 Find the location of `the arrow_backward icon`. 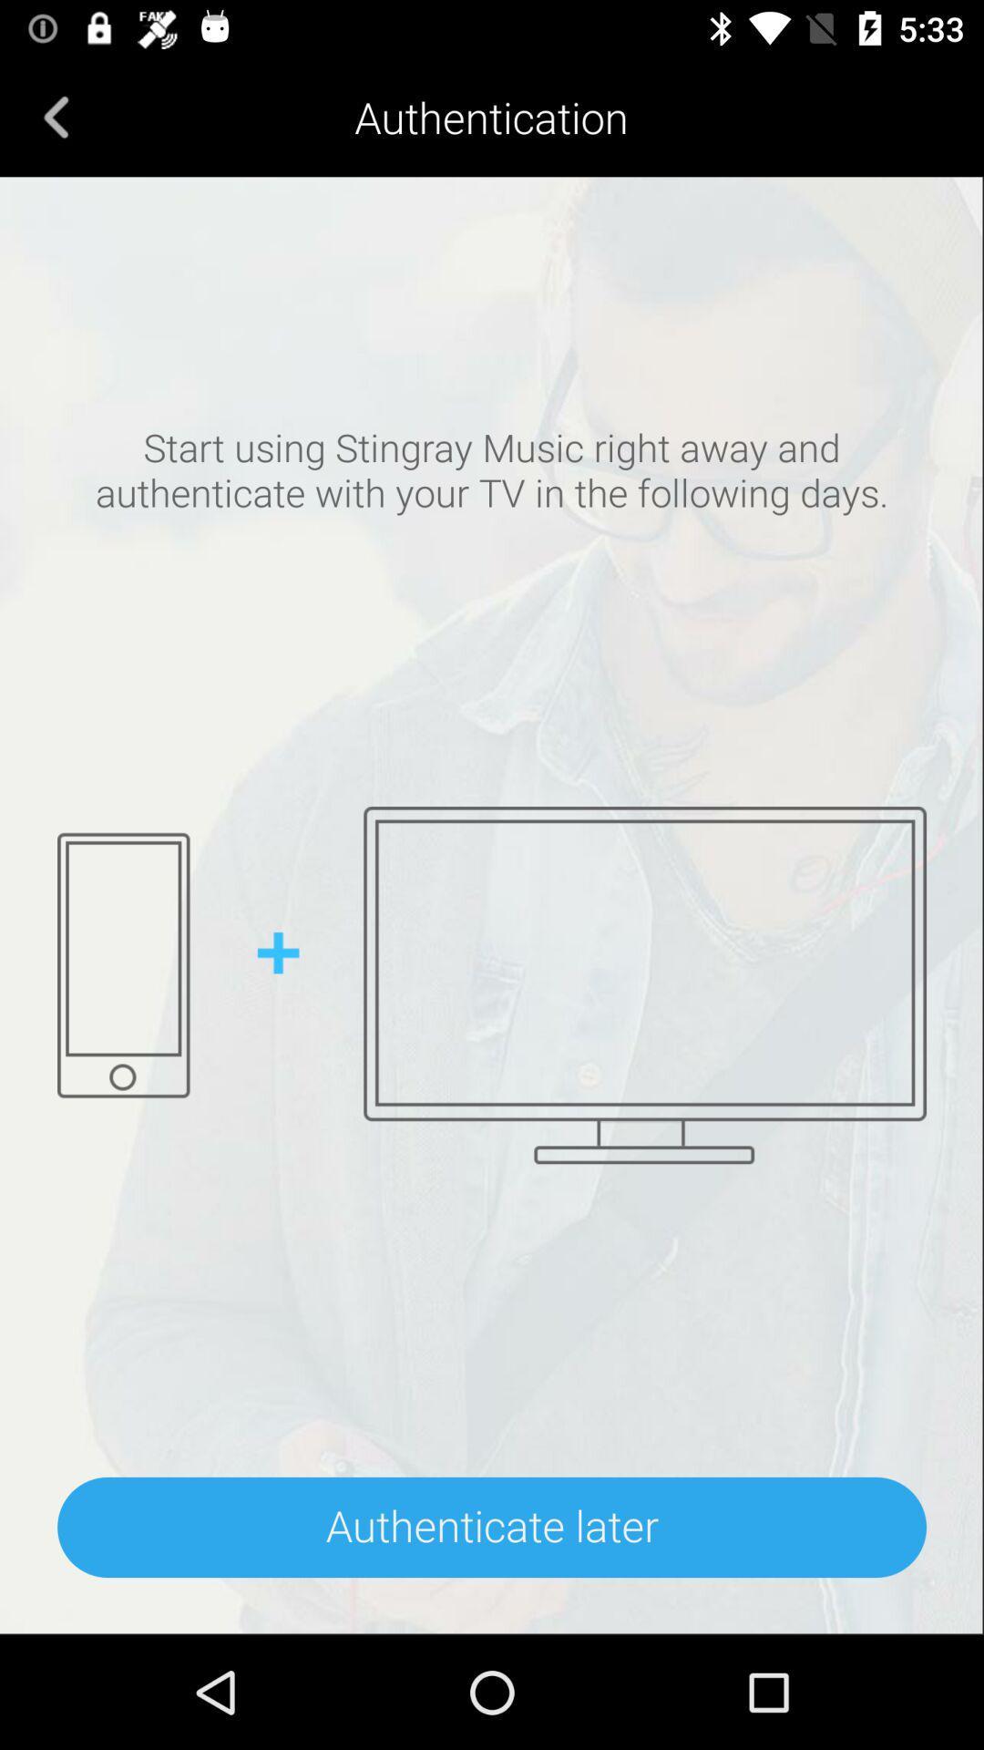

the arrow_backward icon is located at coordinates (56, 116).